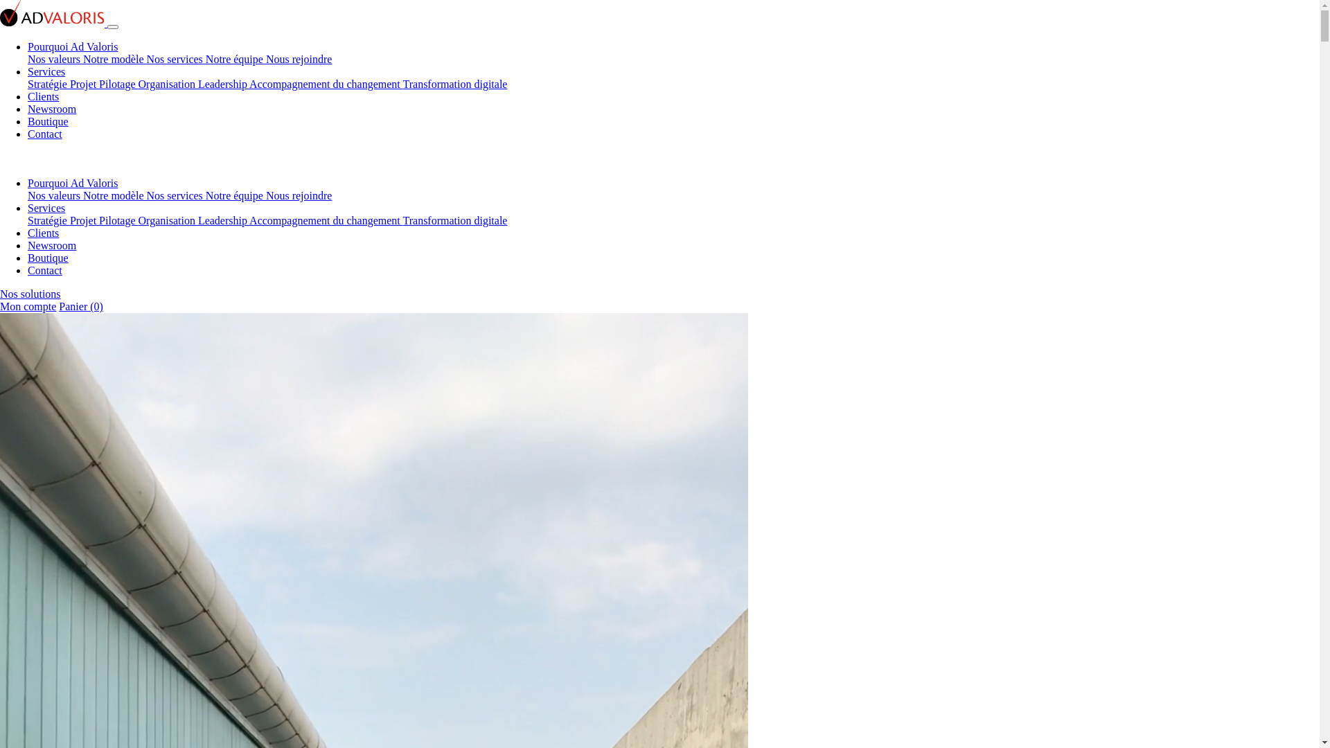 Image resolution: width=1330 pixels, height=748 pixels. Describe the element at coordinates (69, 220) in the screenshot. I see `'Projet'` at that location.